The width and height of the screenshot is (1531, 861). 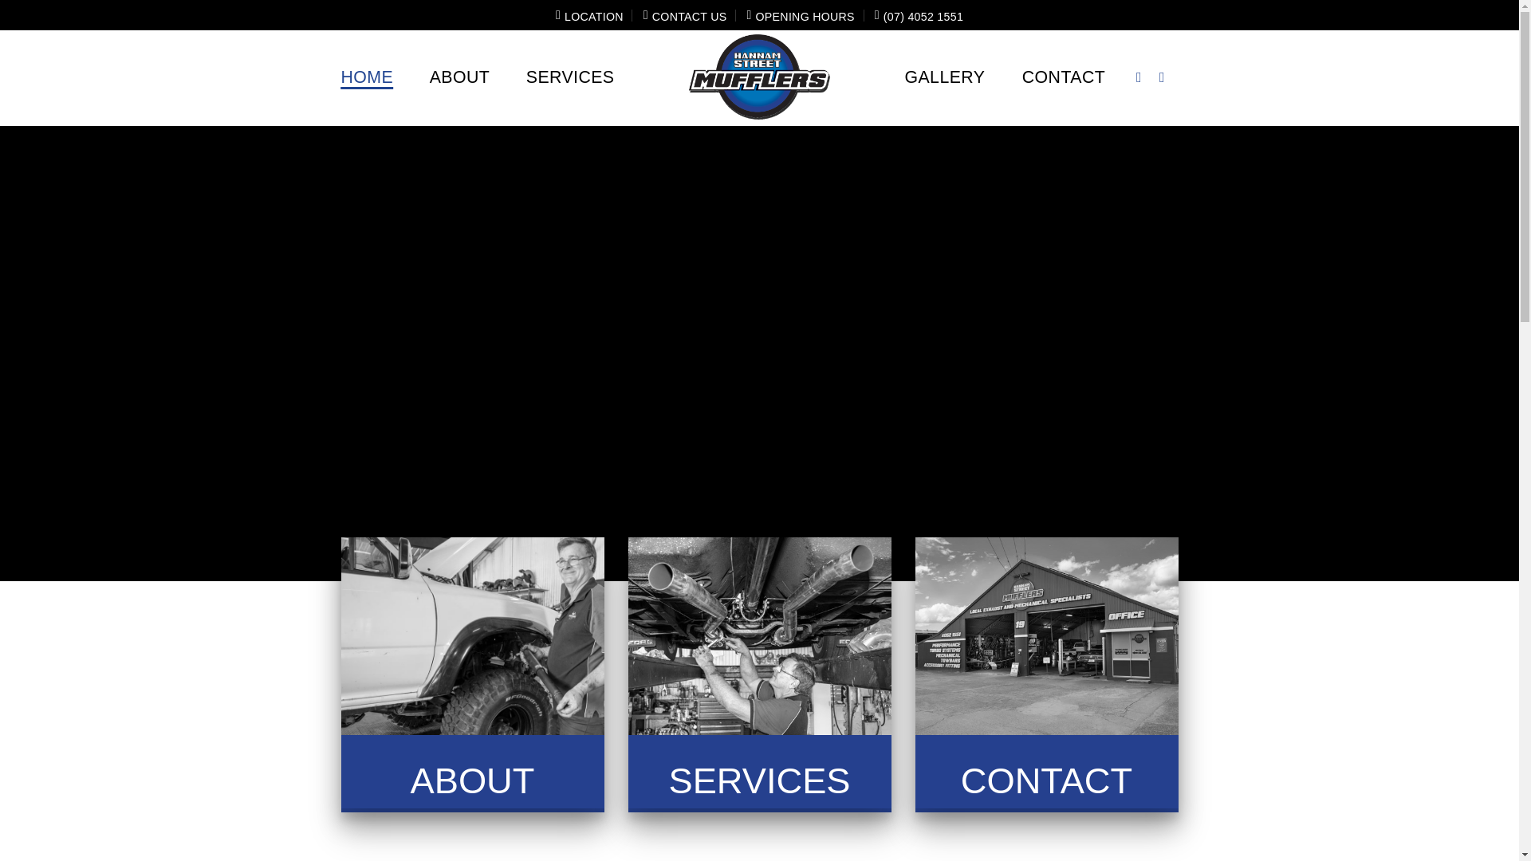 What do you see at coordinates (903, 77) in the screenshot?
I see `'GALLERY'` at bounding box center [903, 77].